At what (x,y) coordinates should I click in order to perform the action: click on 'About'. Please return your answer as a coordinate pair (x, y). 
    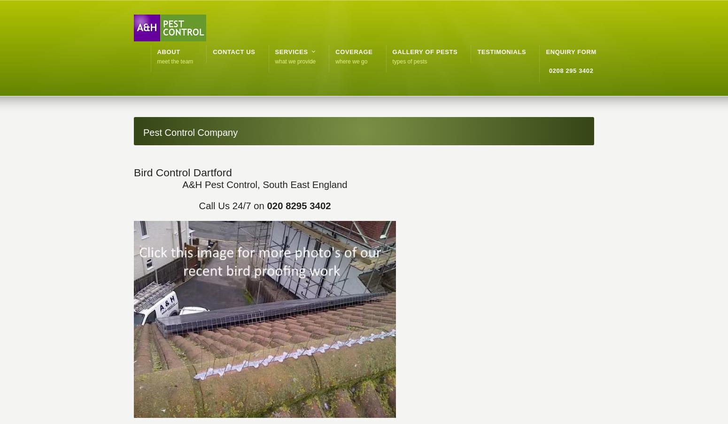
    Looking at the image, I should click on (168, 52).